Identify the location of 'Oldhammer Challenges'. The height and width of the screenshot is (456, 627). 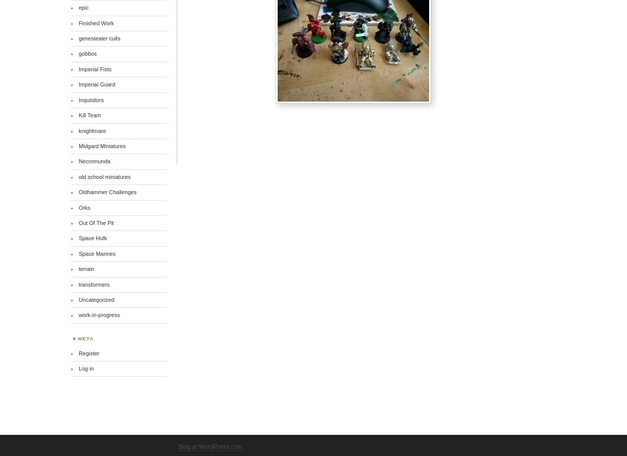
(107, 192).